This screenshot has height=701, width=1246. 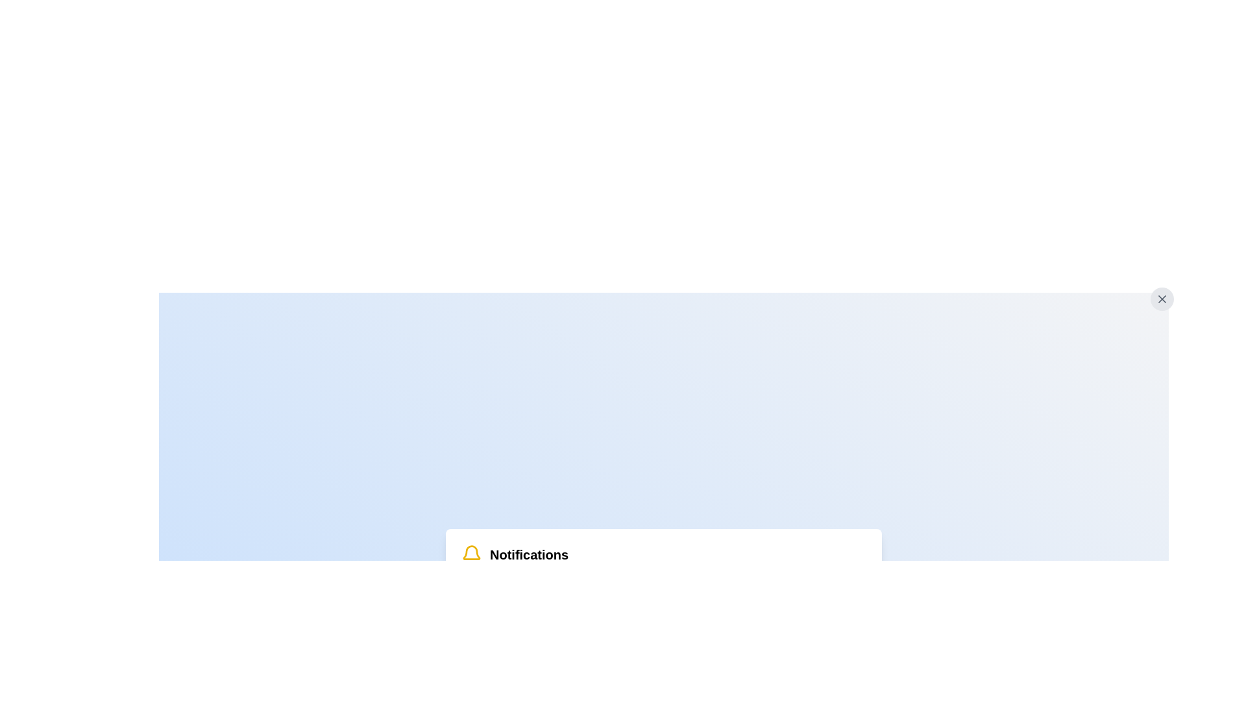 I want to click on the 'X' icon, which is a close or dismiss button located in the top-right corner of the notification panel, so click(x=1162, y=299).